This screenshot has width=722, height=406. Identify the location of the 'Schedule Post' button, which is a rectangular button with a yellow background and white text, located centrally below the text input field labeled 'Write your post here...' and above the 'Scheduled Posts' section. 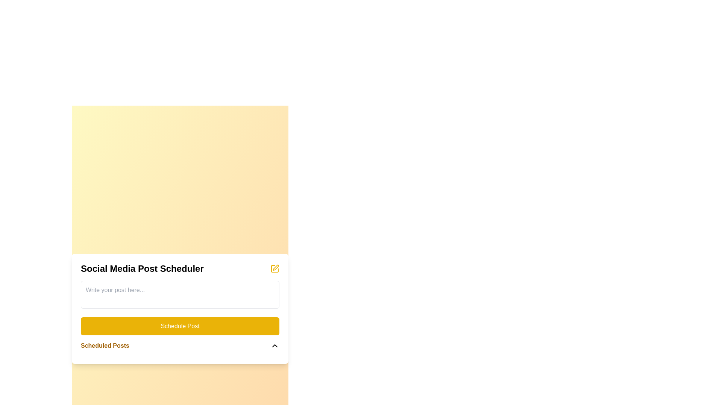
(180, 326).